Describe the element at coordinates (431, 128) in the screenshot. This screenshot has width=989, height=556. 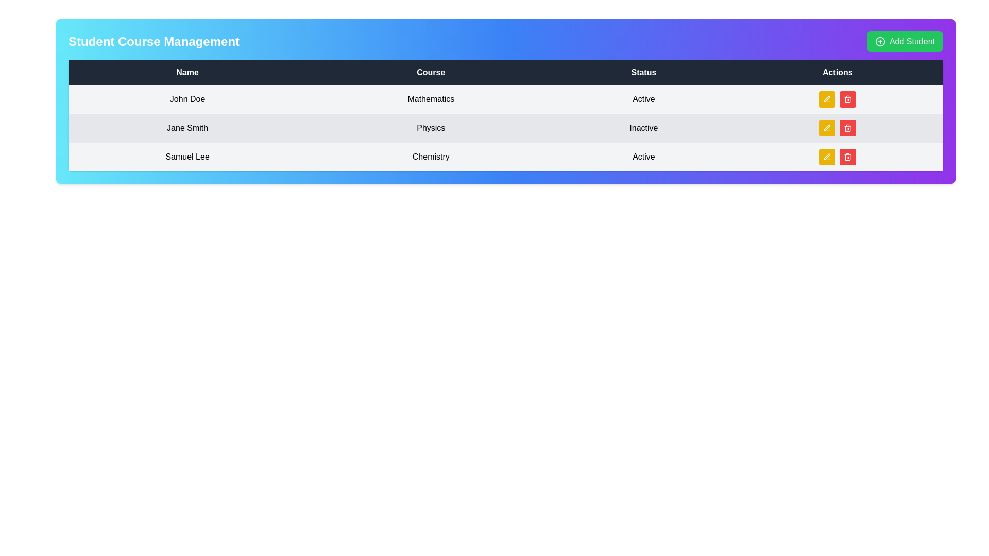
I see `the Text Display element showing the word 'Physics', located in the second row of the table under the 'Course' column, between 'Jane Smith' and 'Inactive'` at that location.